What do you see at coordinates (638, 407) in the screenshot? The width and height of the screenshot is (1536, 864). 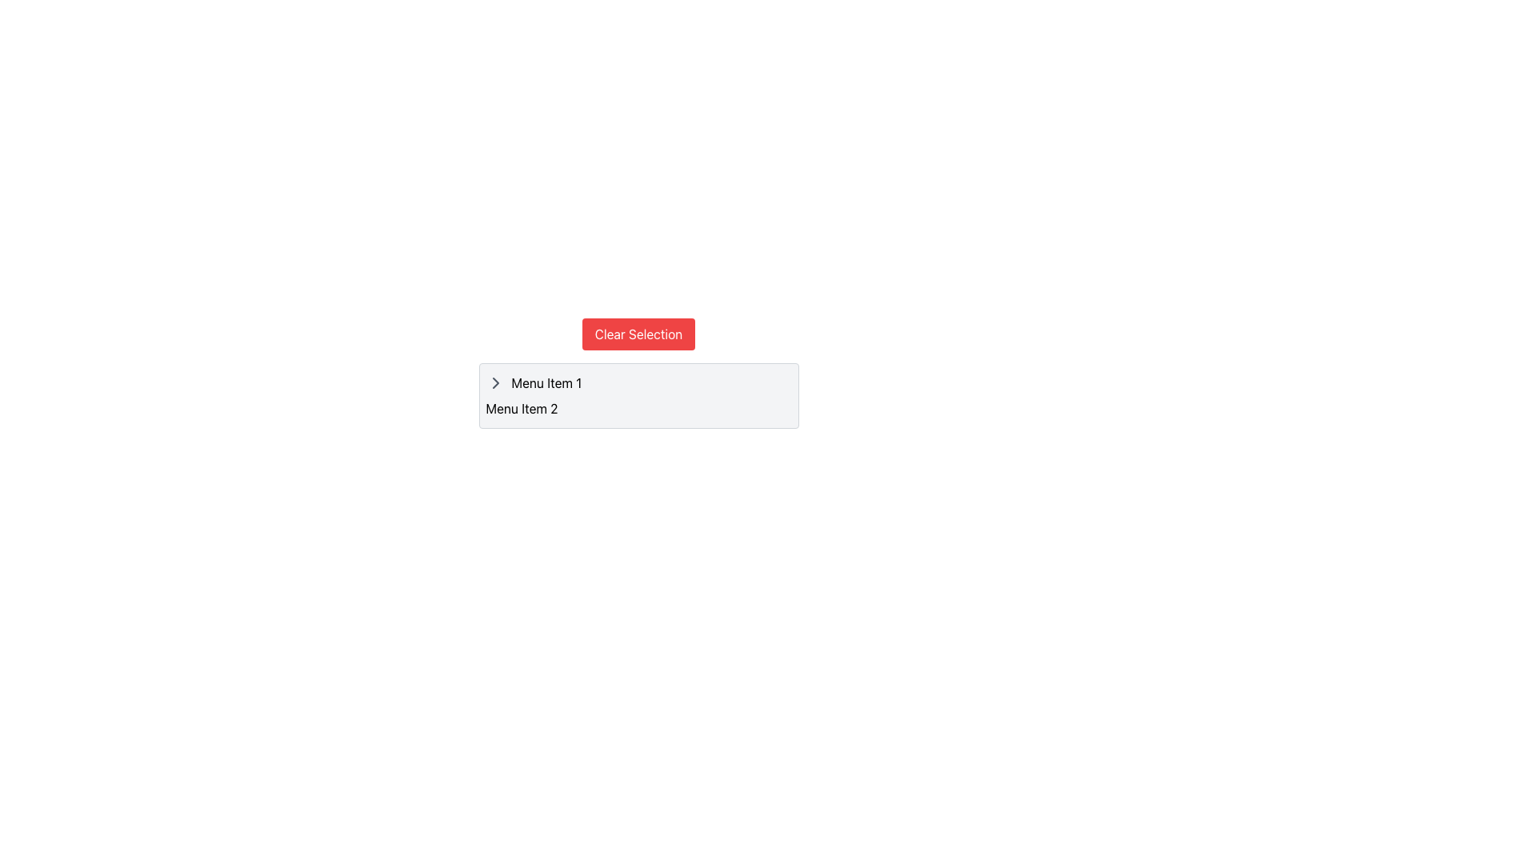 I see `the second menu item in the vertical list` at bounding box center [638, 407].